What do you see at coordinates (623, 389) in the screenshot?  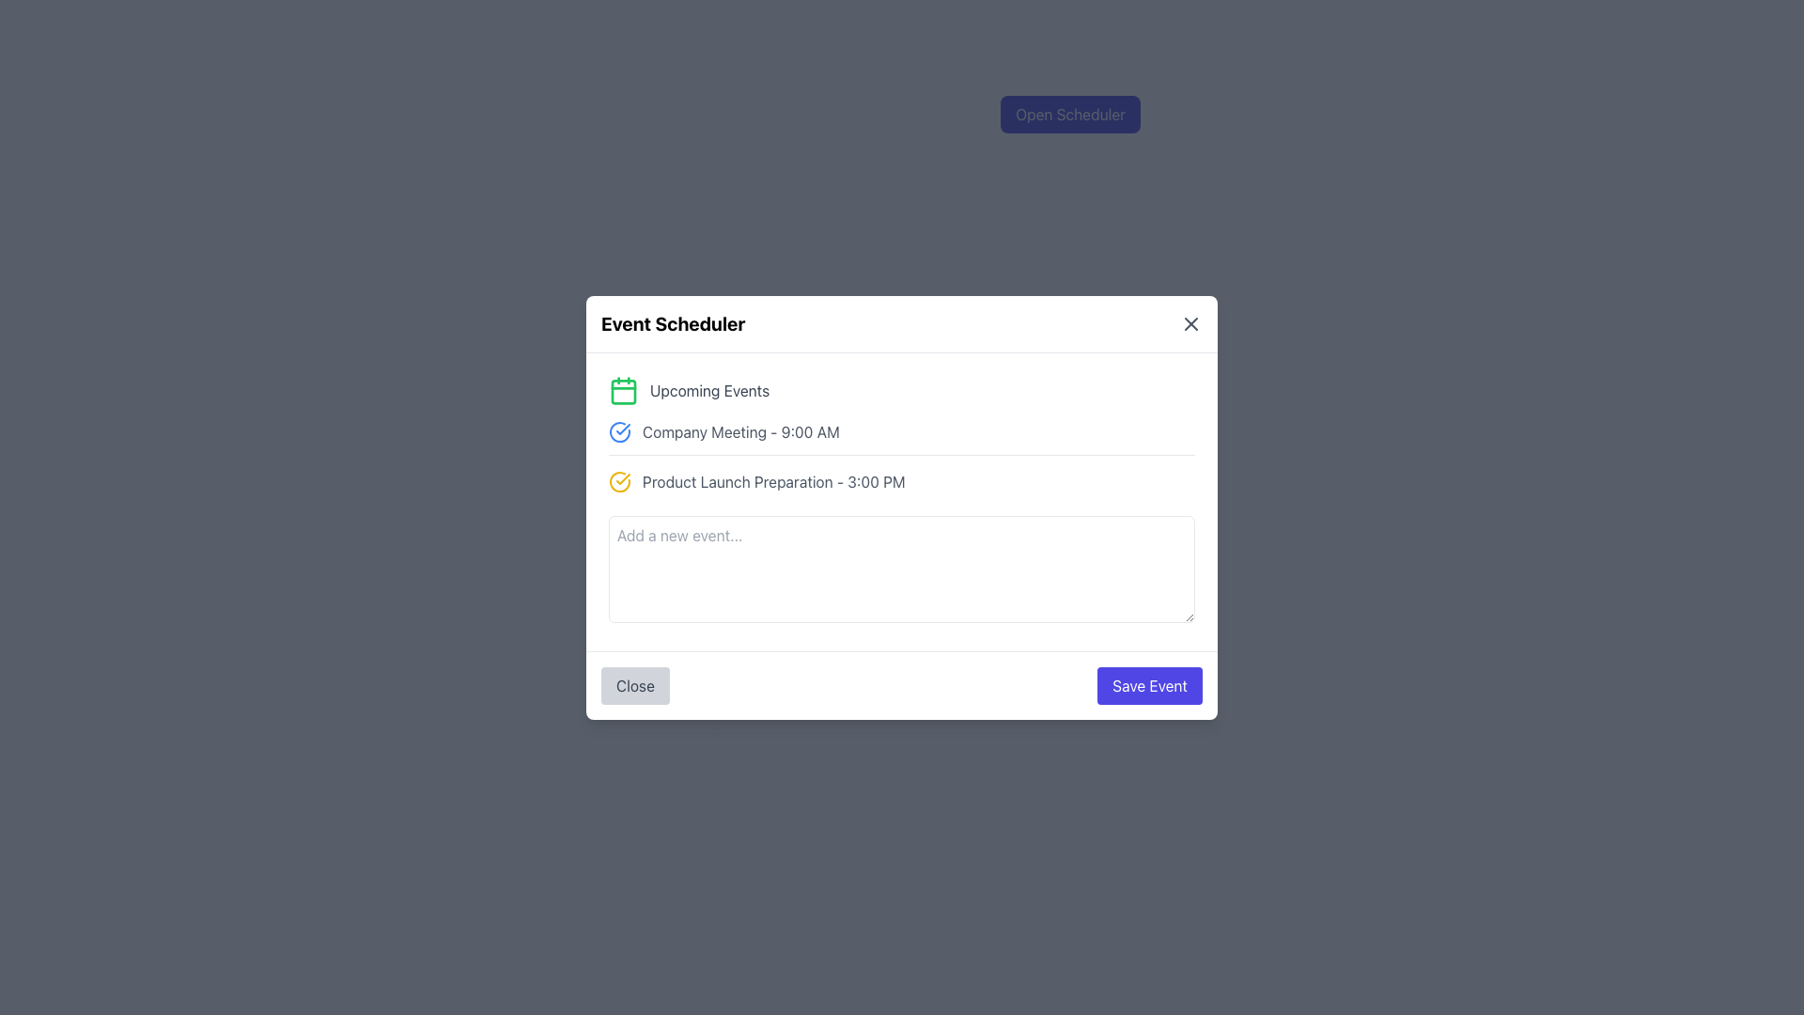 I see `the calendar icon that represents the upcoming events section in the scheduler, positioned to the left of the title 'Upcoming Events'` at bounding box center [623, 389].